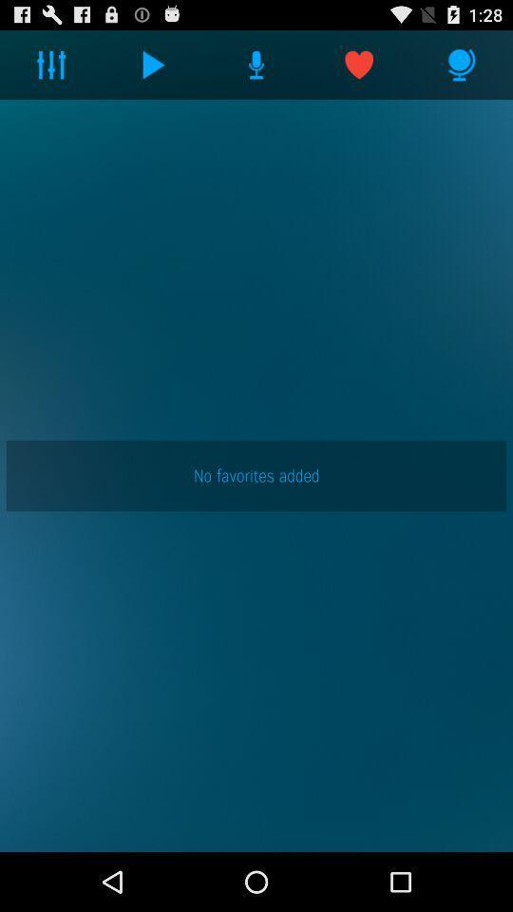  What do you see at coordinates (153, 68) in the screenshot?
I see `the play icon` at bounding box center [153, 68].